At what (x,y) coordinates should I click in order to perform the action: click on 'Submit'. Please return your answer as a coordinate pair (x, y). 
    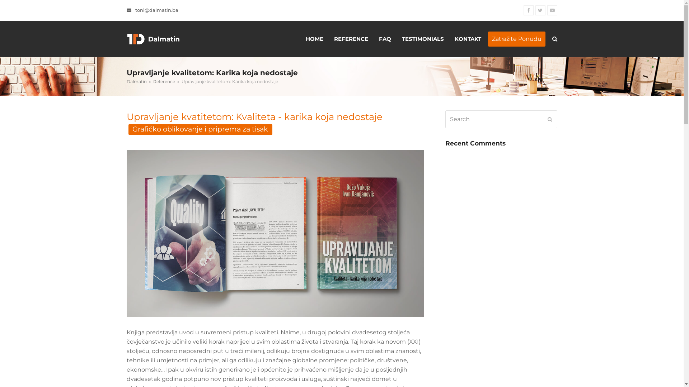
    Looking at the image, I should click on (547, 119).